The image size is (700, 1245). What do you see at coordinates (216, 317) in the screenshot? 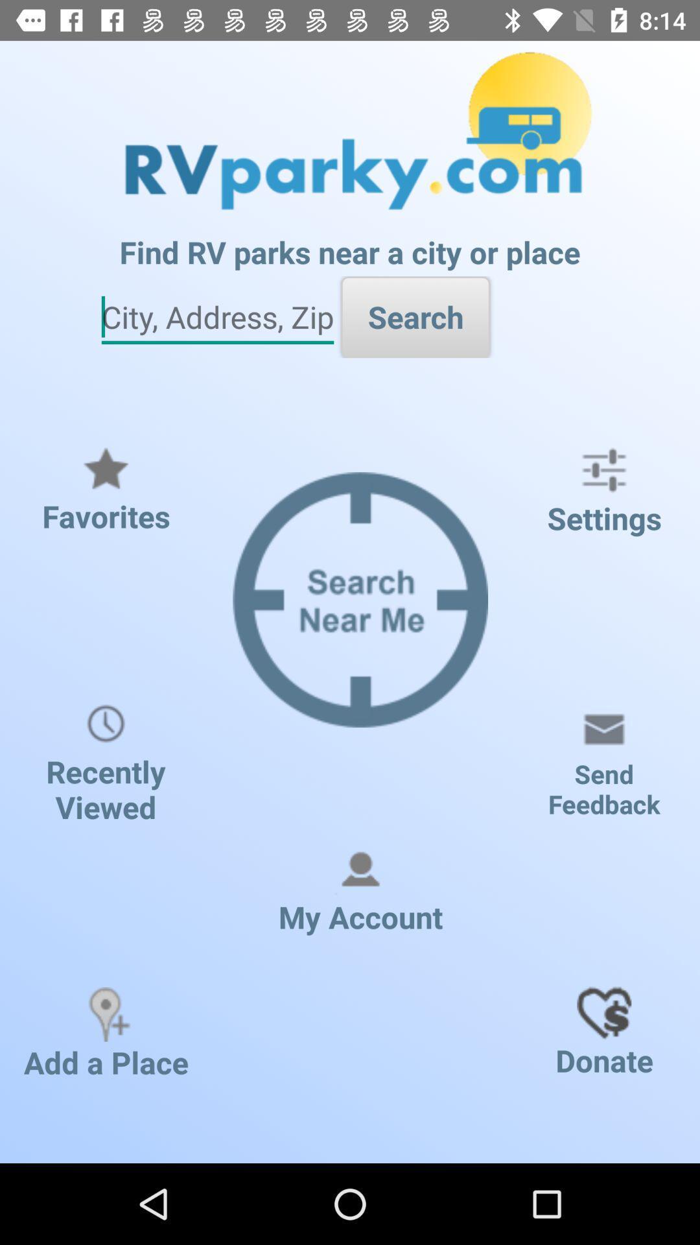
I see `city/address/zip` at bounding box center [216, 317].